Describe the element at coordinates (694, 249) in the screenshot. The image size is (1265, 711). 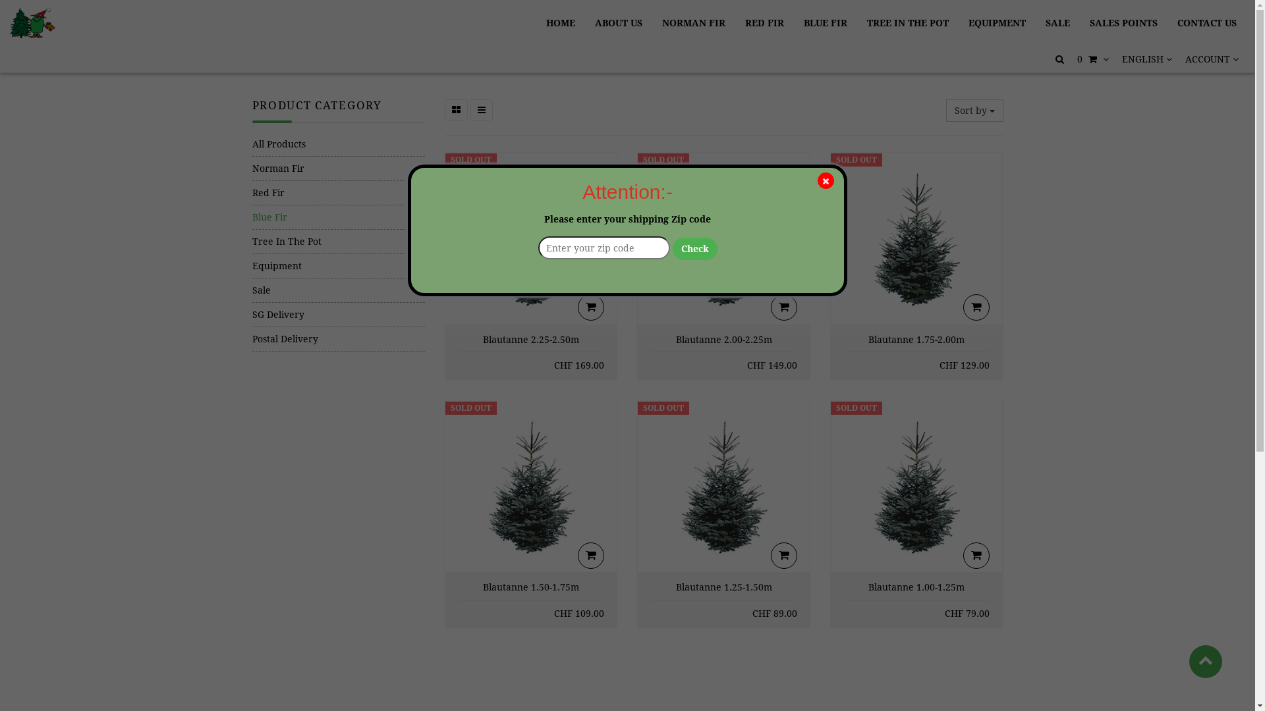
I see `'Check'` at that location.